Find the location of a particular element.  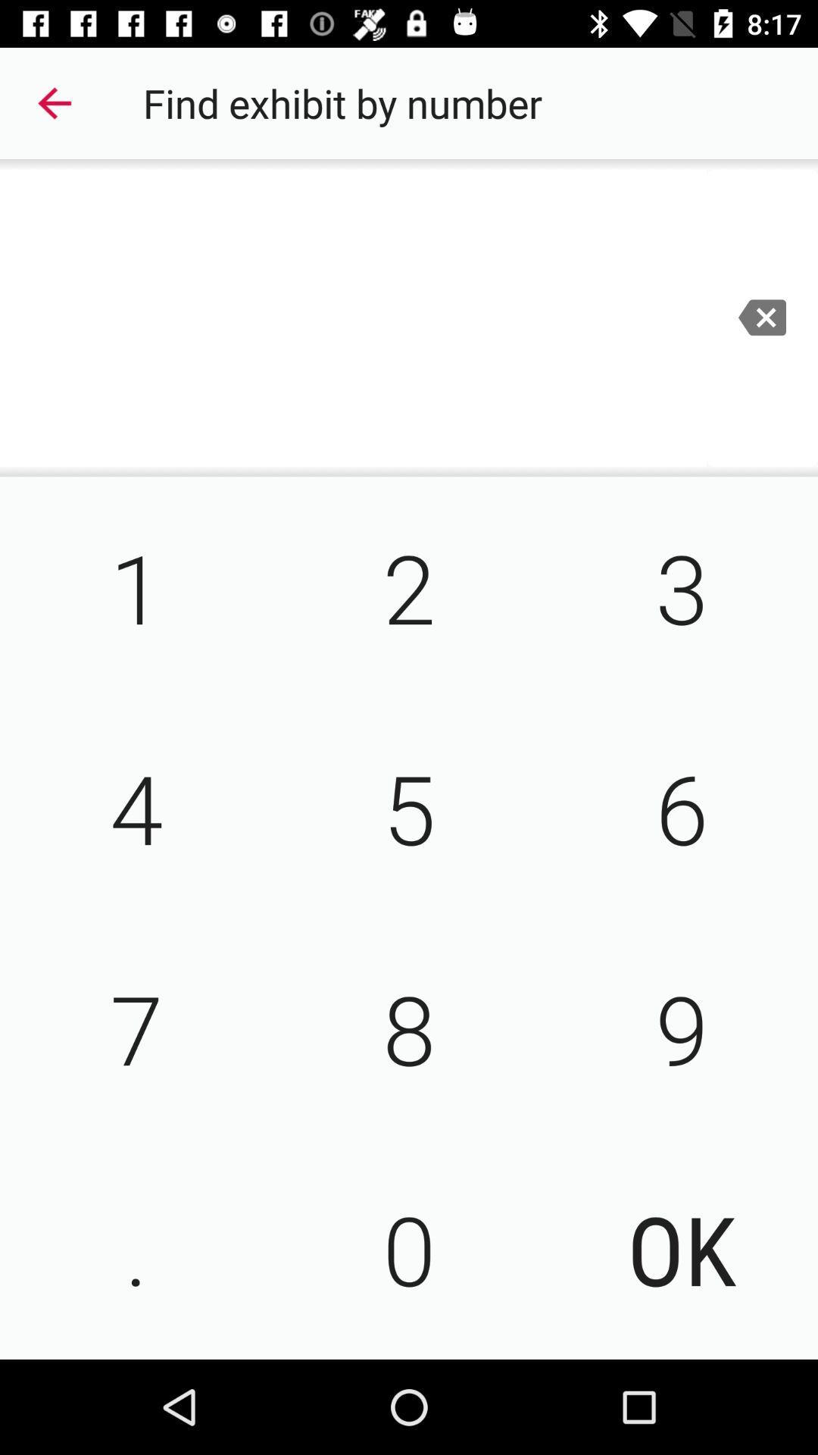

0 is located at coordinates (409, 1248).